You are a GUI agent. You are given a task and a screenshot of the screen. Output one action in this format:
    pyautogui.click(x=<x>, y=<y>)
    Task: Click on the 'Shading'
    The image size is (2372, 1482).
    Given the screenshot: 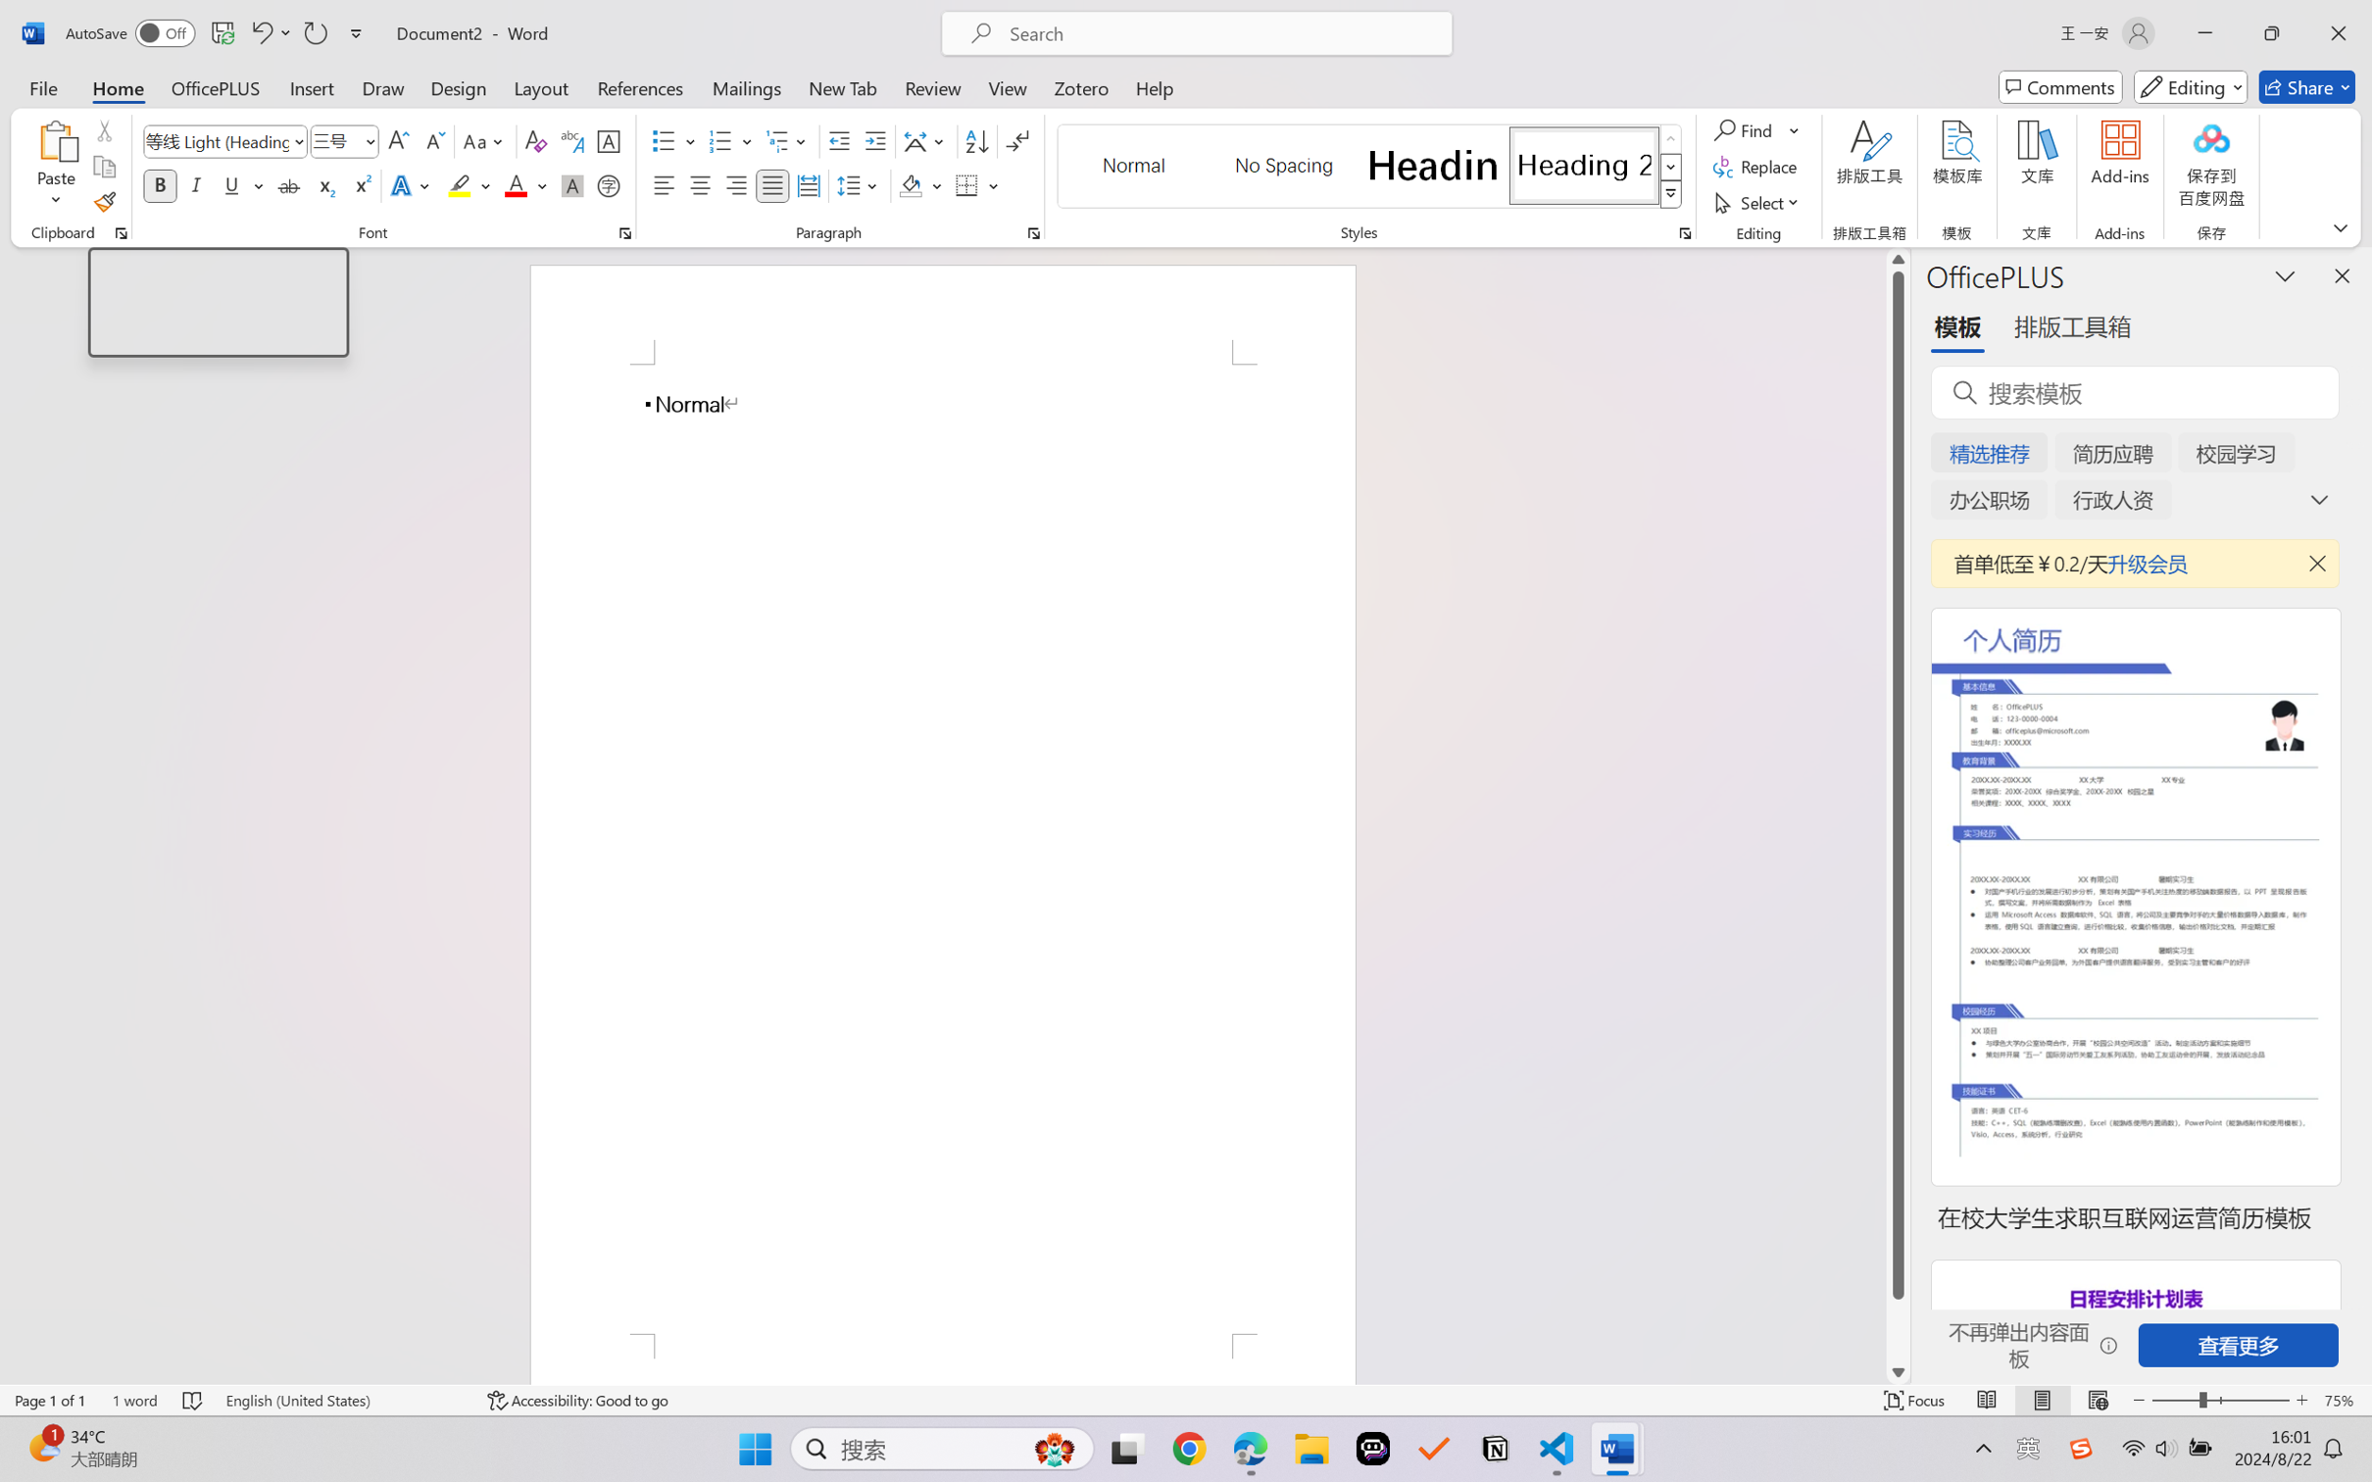 What is the action you would take?
    pyautogui.click(x=920, y=184)
    